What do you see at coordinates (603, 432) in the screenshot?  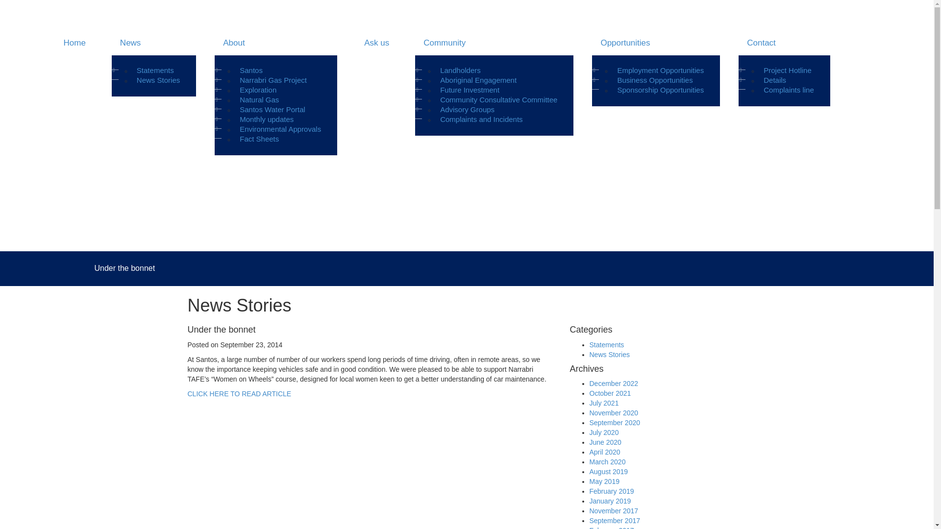 I see `'July 2020'` at bounding box center [603, 432].